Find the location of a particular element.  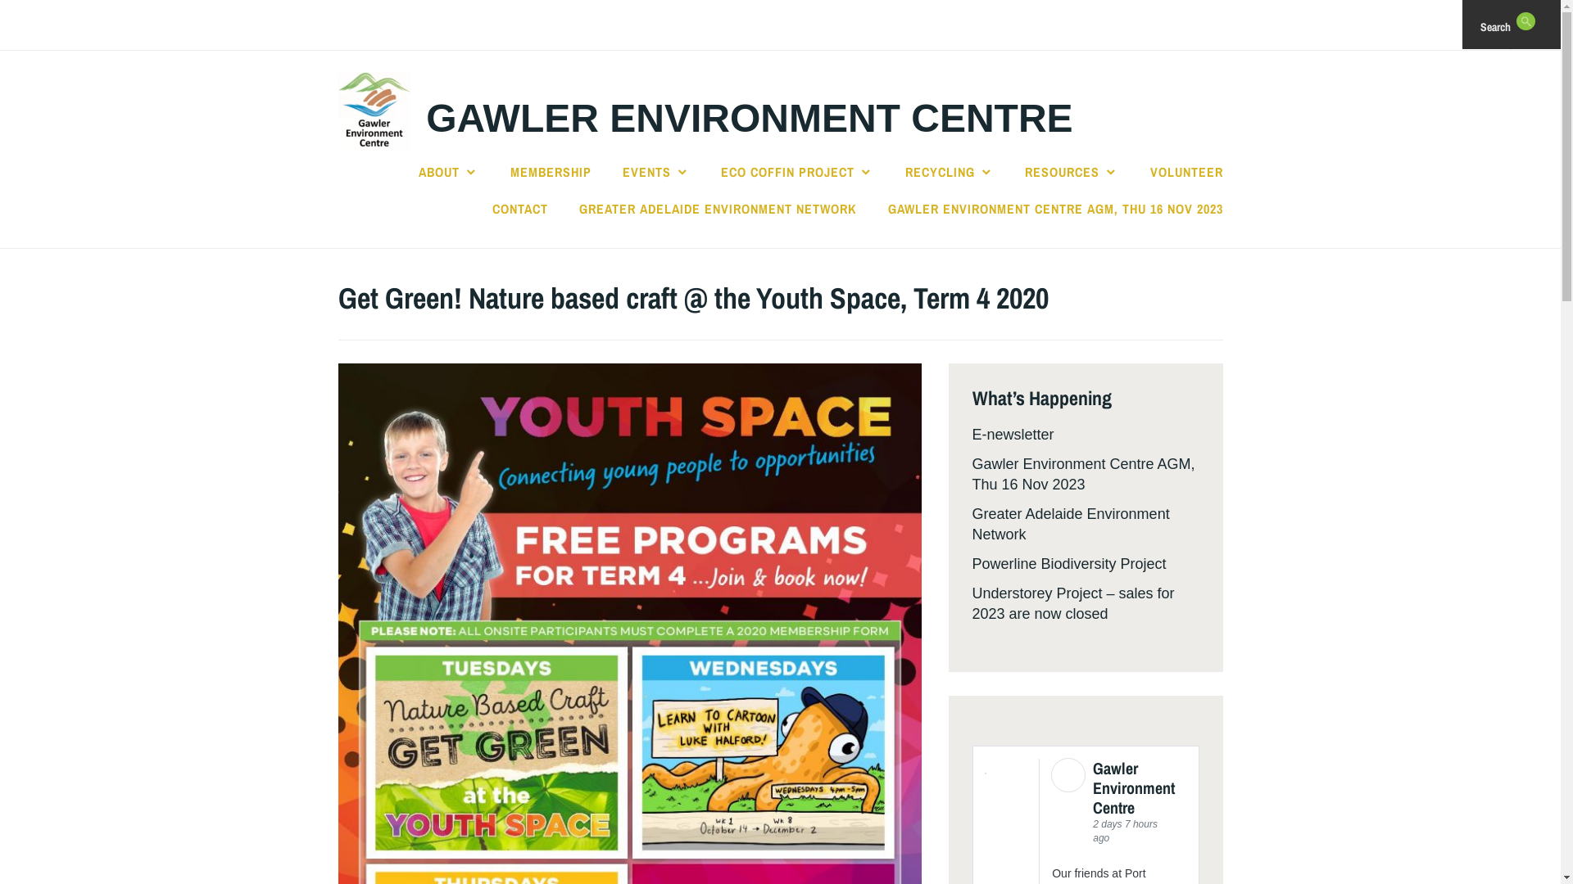

'RECYCLING' is located at coordinates (904, 171).